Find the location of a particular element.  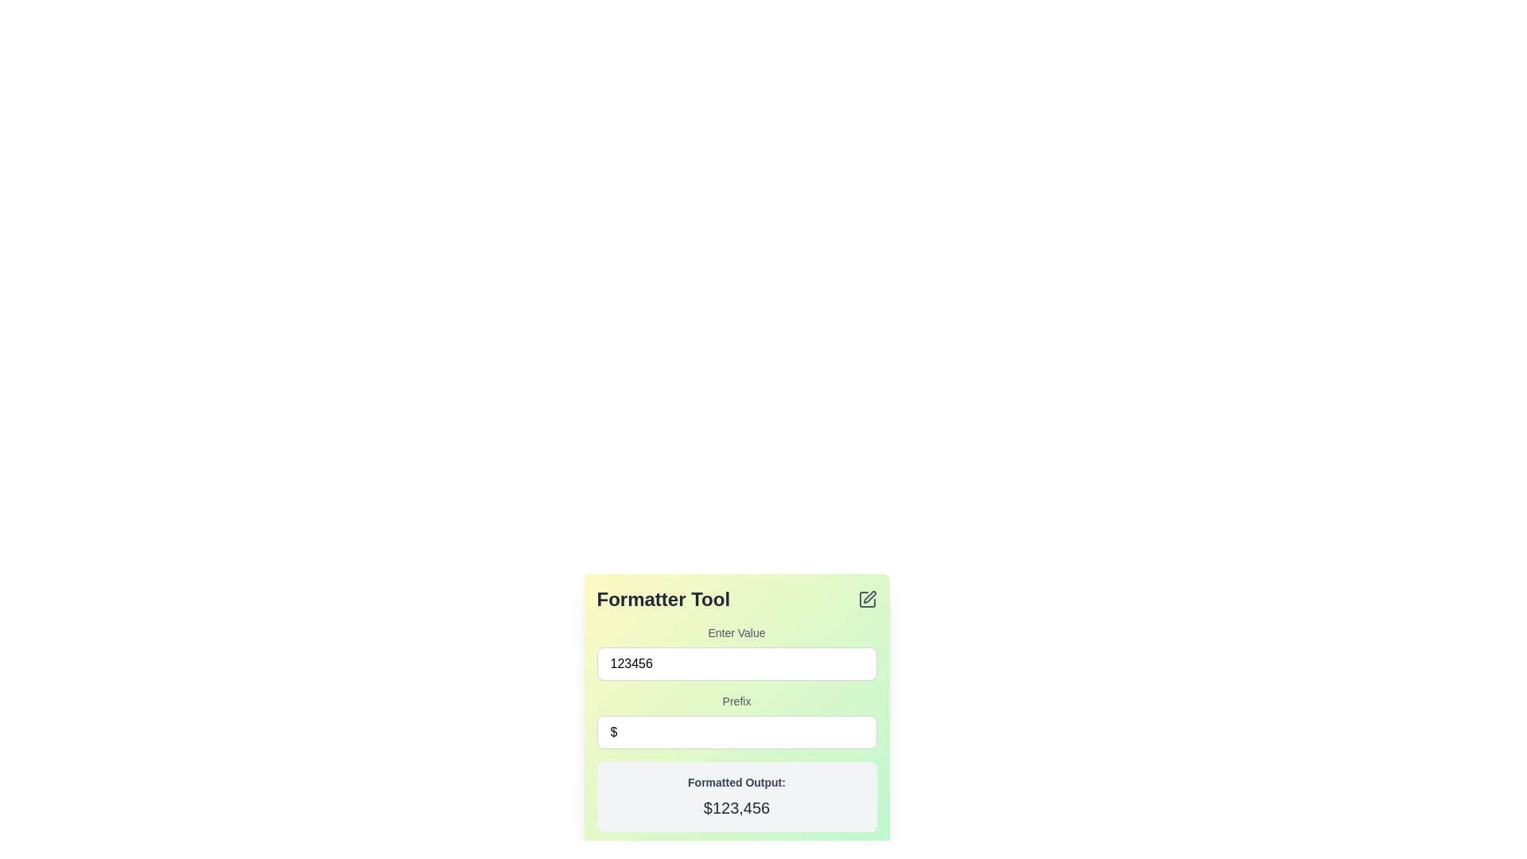

the Edit Icon located in the top-right corner of the 'Formatter Tool' panel to initiate an editing interaction is located at coordinates (866, 599).